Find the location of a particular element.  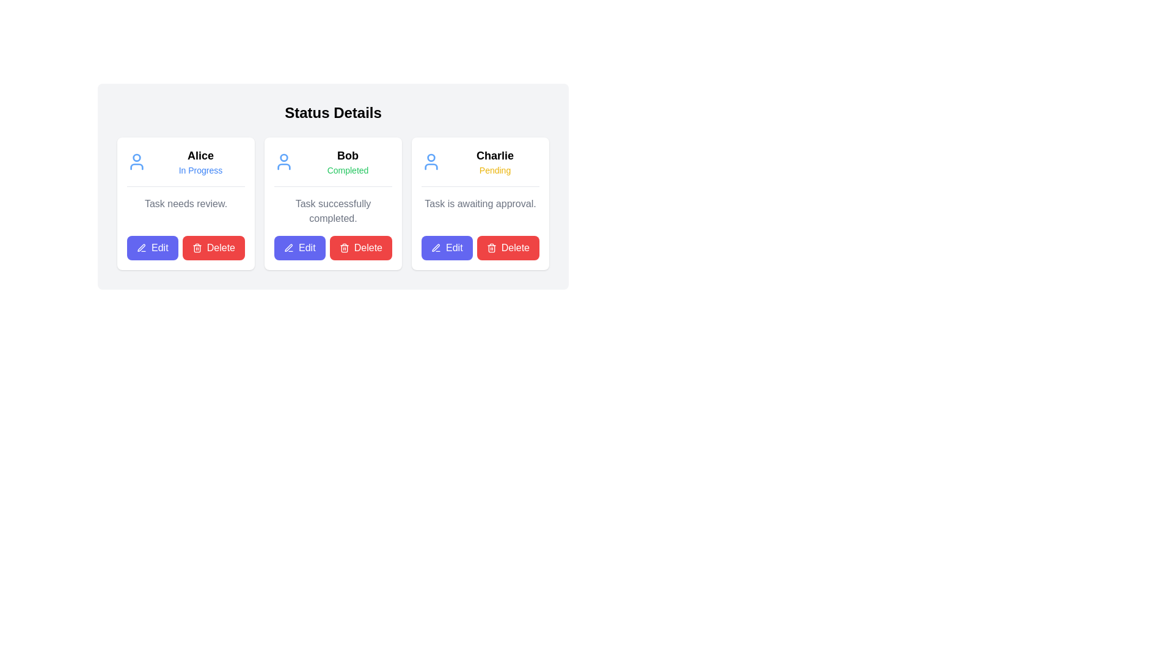

the 'Edit' button located to the left of the red 'Delete' button in the second row under the card titled 'Alice' to initiate the edit action is located at coordinates (152, 248).